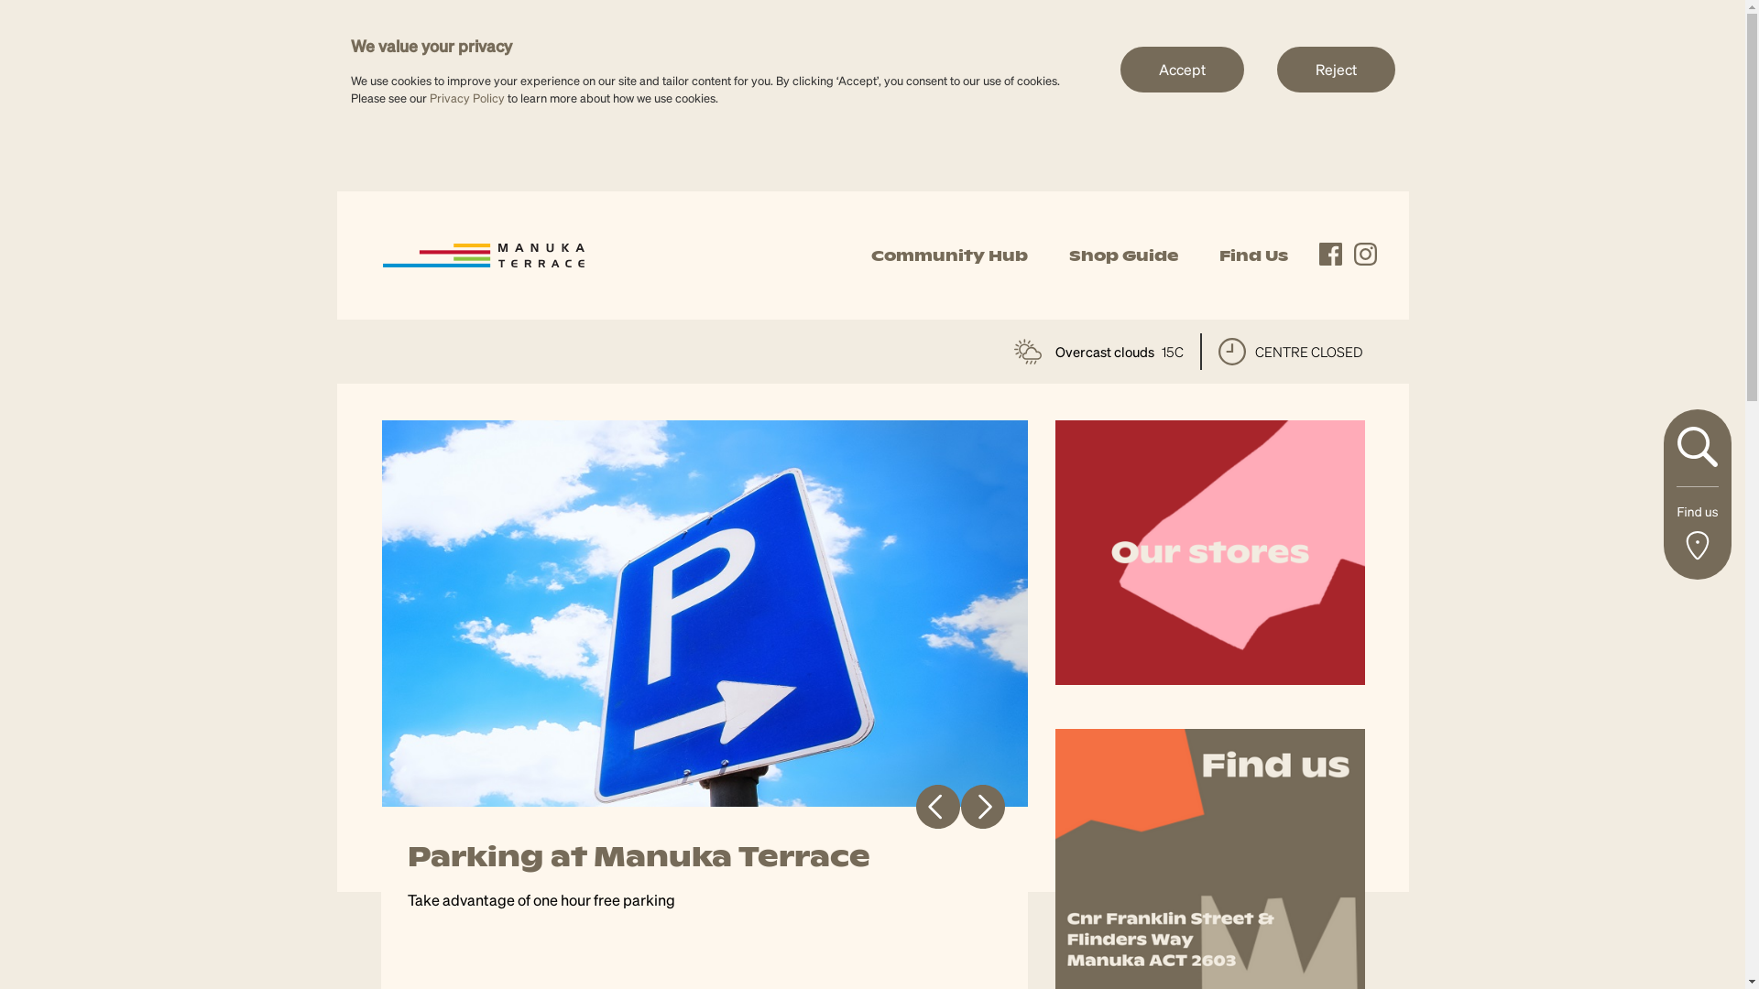 This screenshot has width=1759, height=989. Describe the element at coordinates (1121, 255) in the screenshot. I see `'Shop Guide'` at that location.